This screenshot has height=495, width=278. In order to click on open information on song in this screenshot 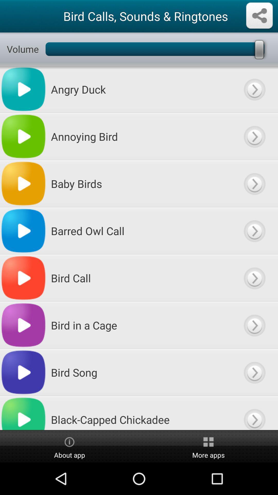, I will do `click(254, 136)`.